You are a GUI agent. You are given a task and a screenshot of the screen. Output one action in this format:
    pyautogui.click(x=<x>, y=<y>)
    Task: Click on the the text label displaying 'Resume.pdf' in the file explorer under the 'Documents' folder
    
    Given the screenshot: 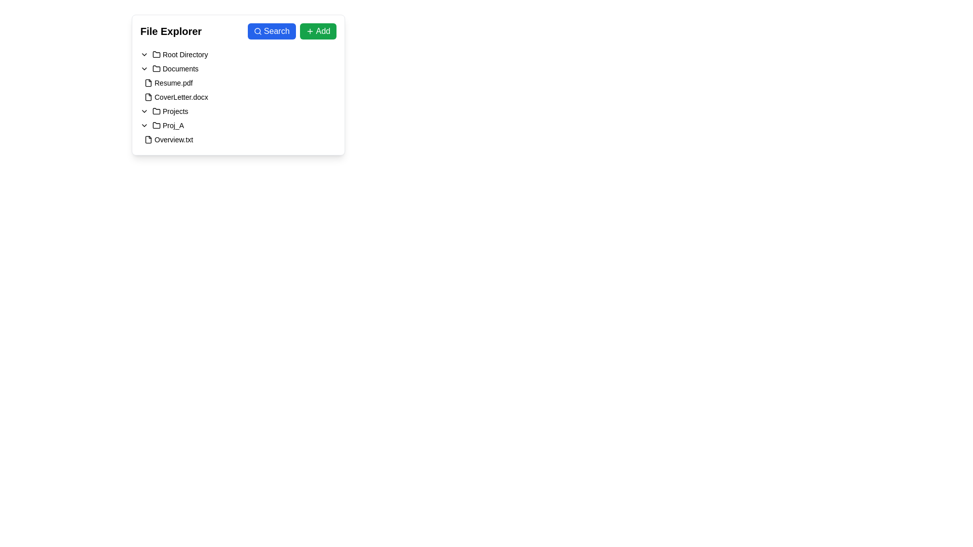 What is the action you would take?
    pyautogui.click(x=173, y=83)
    